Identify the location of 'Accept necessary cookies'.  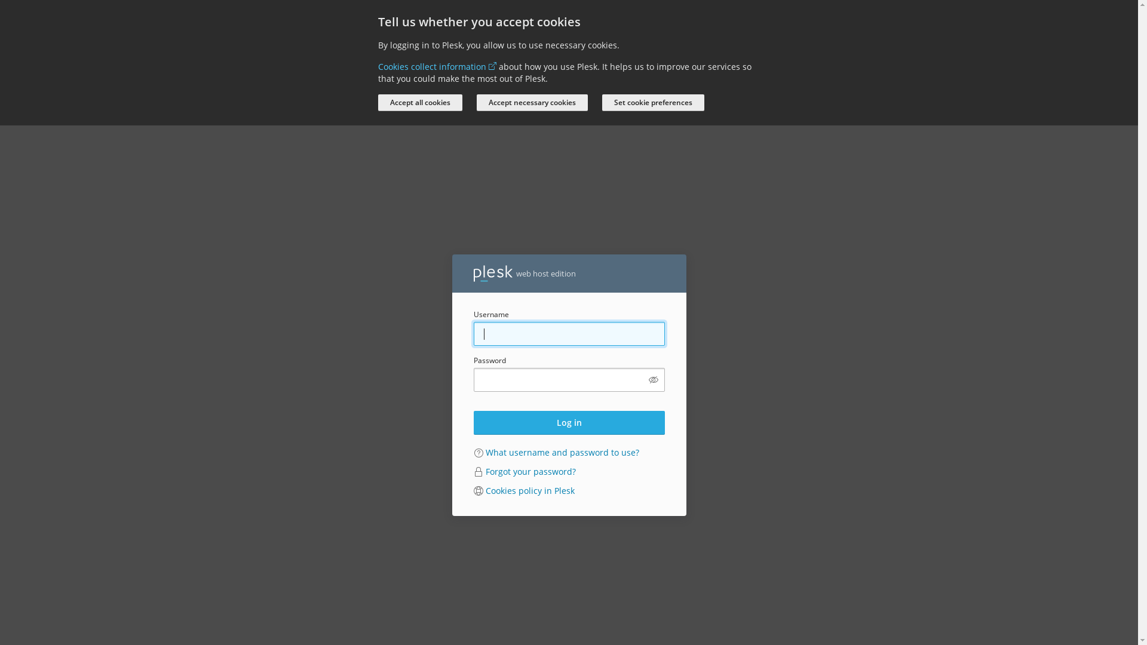
(532, 102).